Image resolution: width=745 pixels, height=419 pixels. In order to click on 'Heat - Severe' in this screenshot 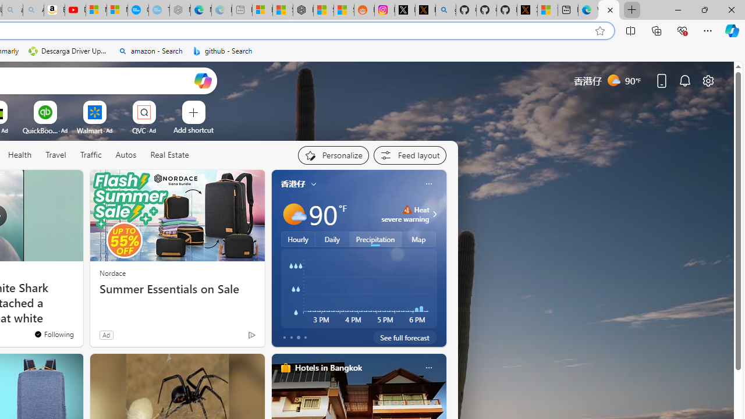, I will do `click(407, 210)`.